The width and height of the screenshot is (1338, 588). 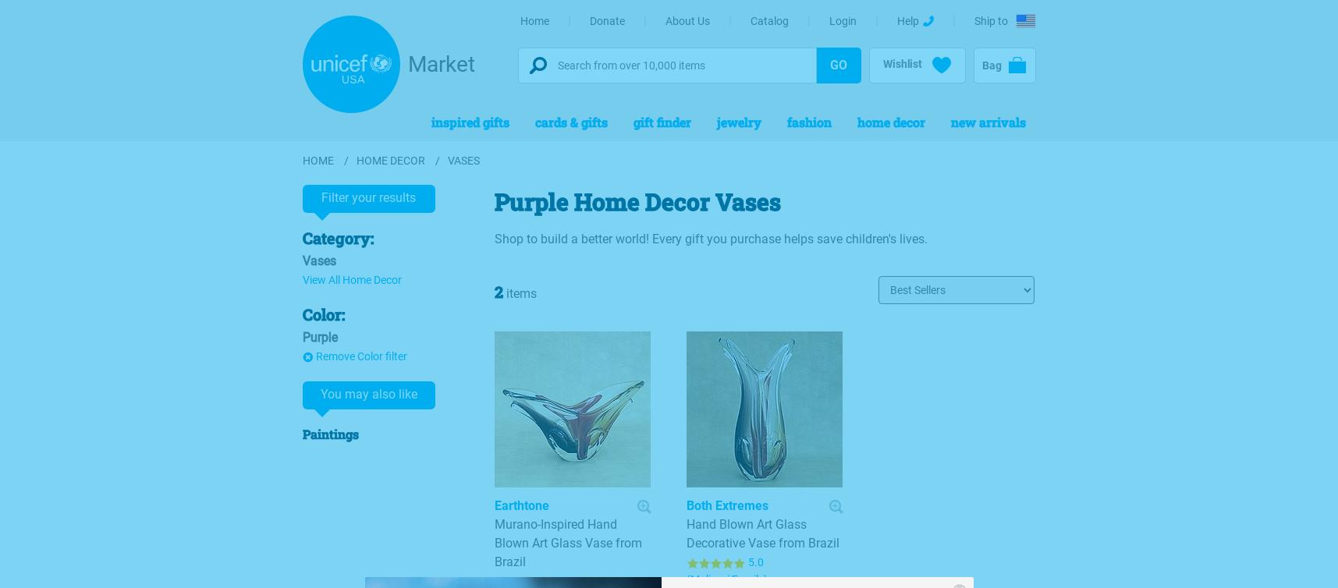 I want to click on 'About Us', so click(x=687, y=20).